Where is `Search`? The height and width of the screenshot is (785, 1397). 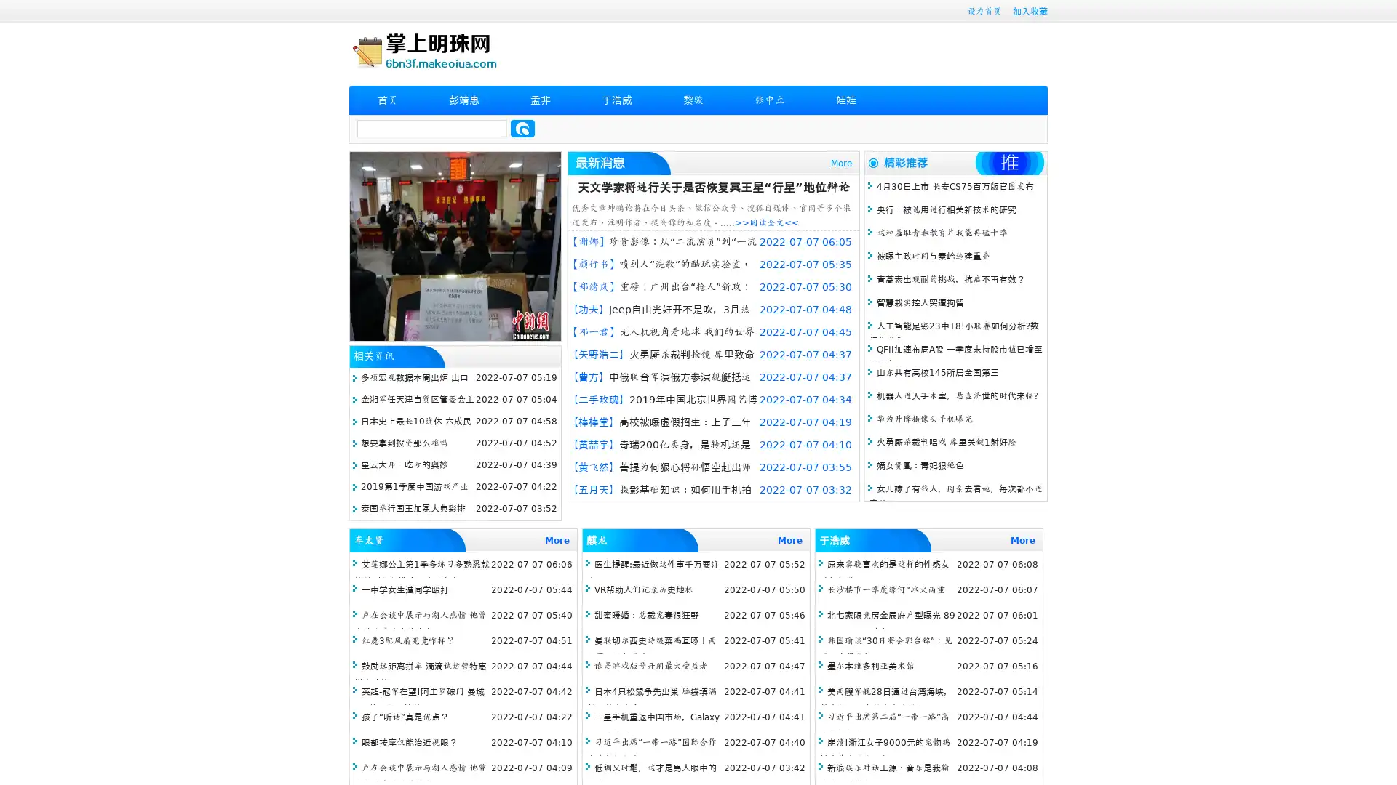
Search is located at coordinates (522, 128).